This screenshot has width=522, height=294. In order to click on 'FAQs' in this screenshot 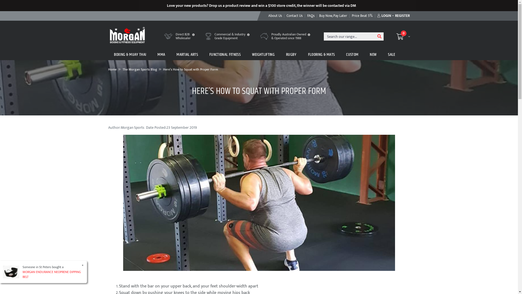, I will do `click(305, 16)`.